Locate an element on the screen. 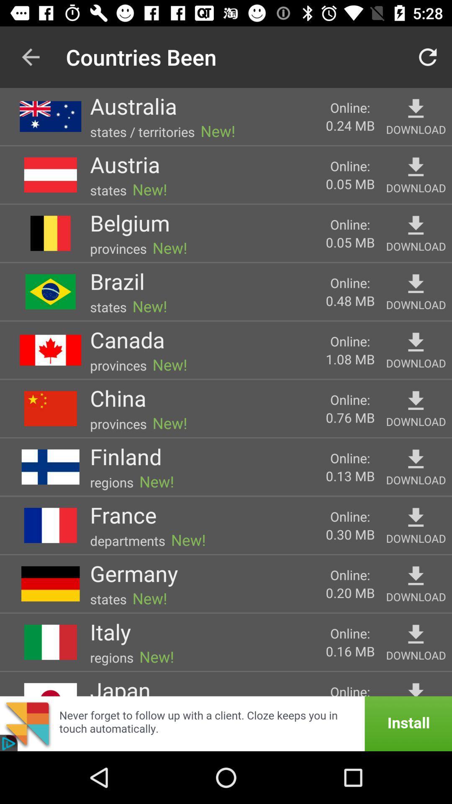 The image size is (452, 804). the icon above the new! item is located at coordinates (134, 573).